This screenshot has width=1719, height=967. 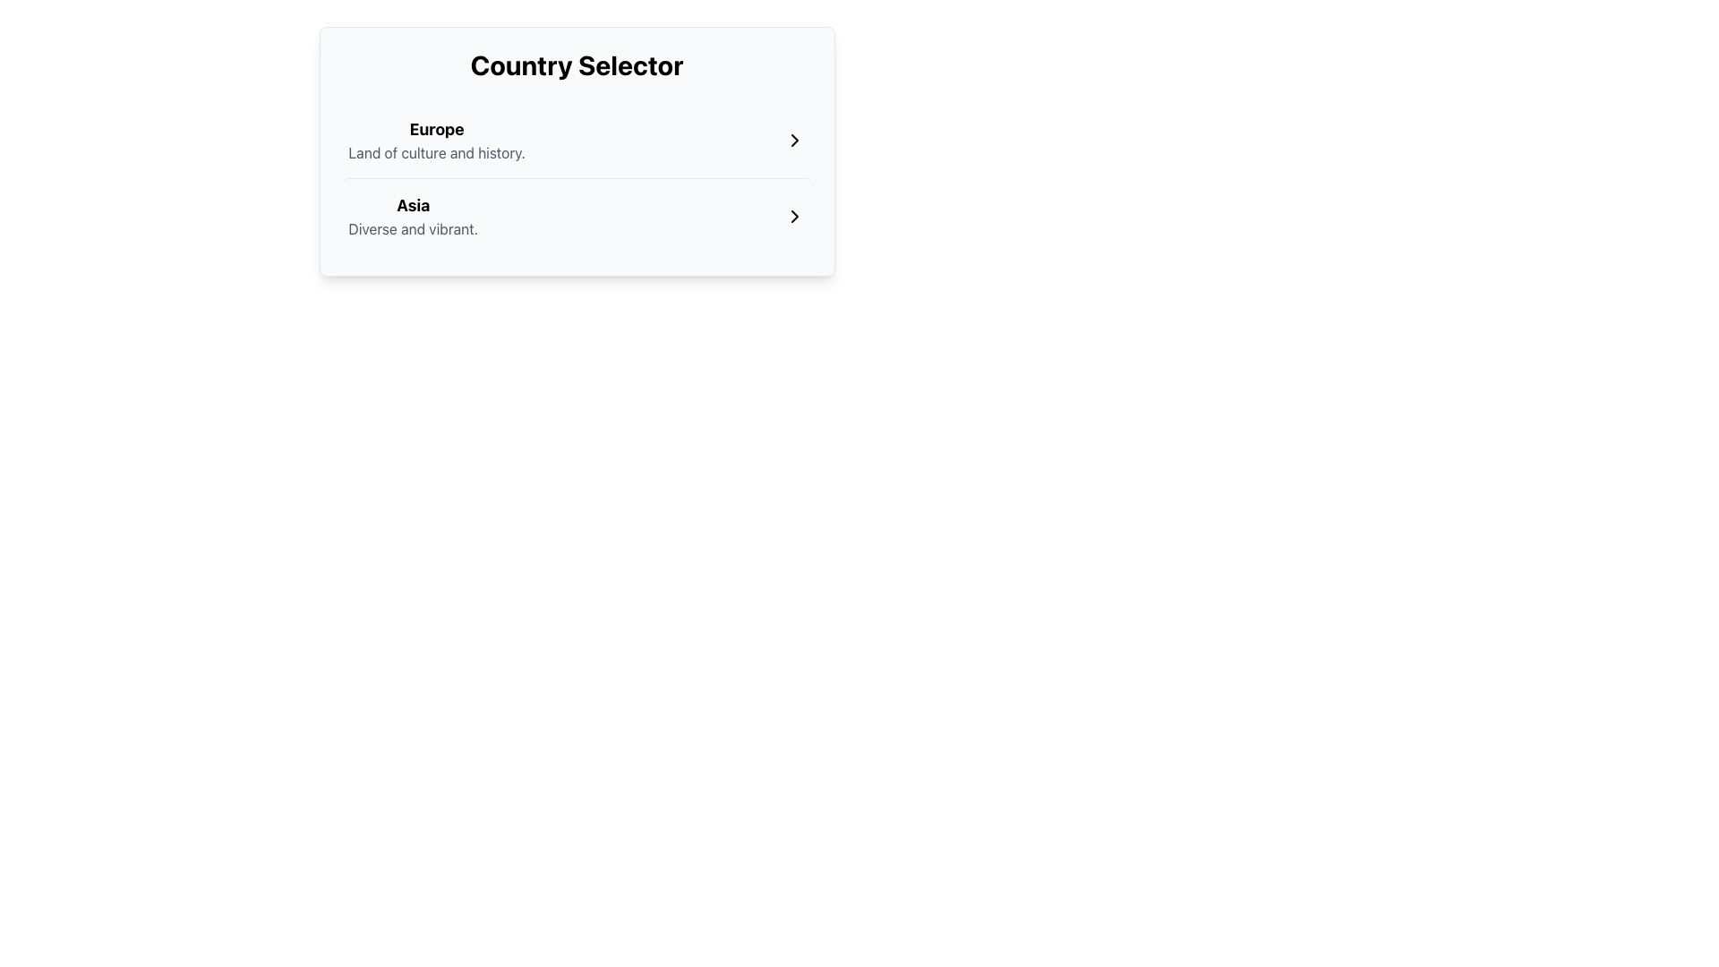 I want to click on the right-pointing chevron-shaped icon located at the far right of the list item labeled 'Asia', so click(x=793, y=216).